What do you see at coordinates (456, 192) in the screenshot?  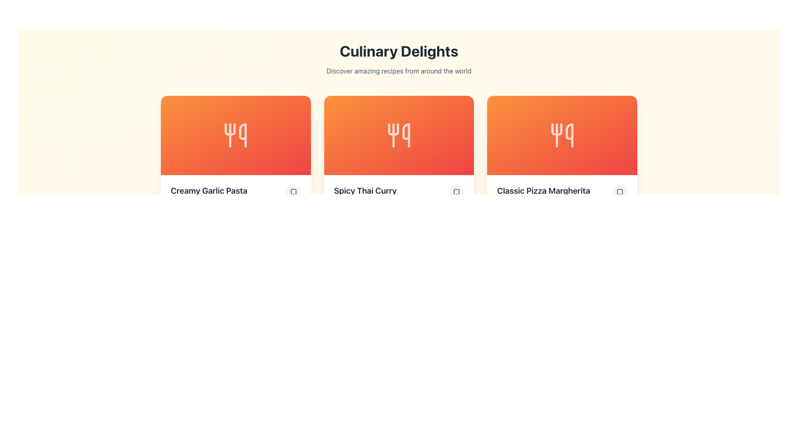 I see `the bookmarking icon located at the bottom-right corner of the 'Spicy Thai Curry' card` at bounding box center [456, 192].